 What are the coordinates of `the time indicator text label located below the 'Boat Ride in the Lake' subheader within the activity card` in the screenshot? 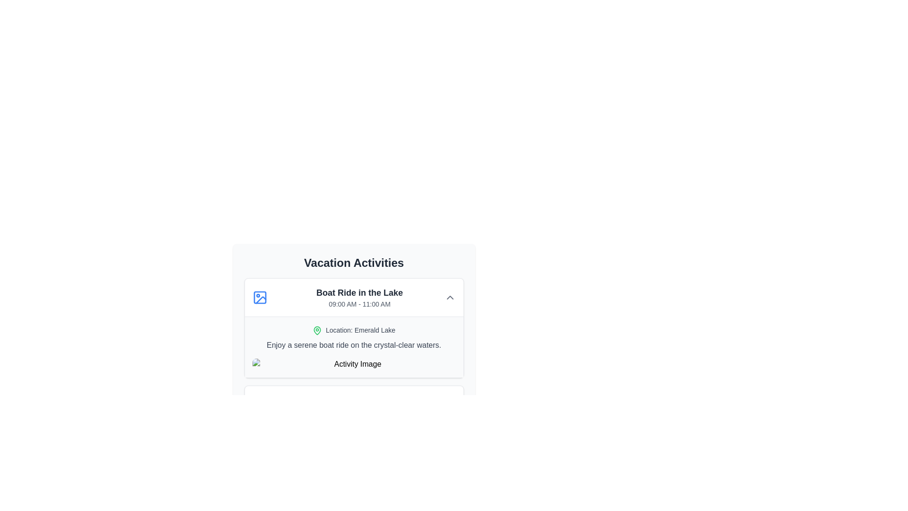 It's located at (359, 304).